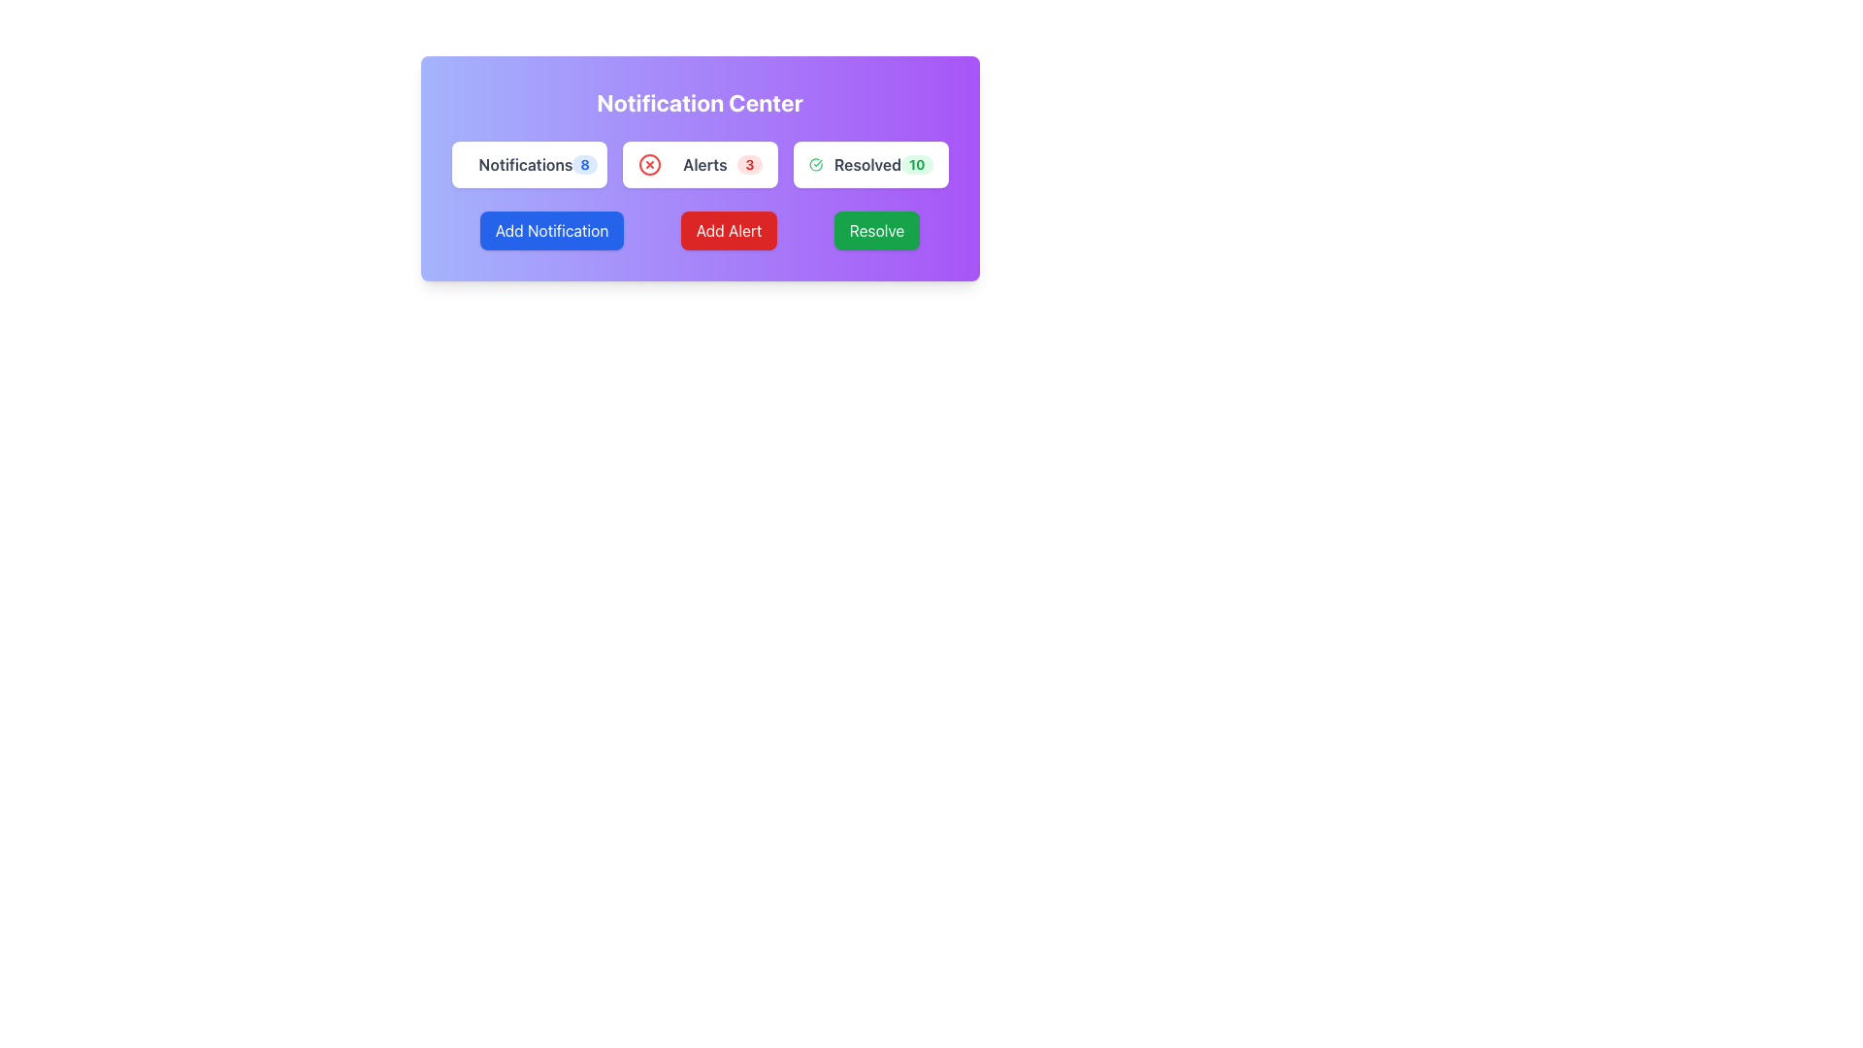 The width and height of the screenshot is (1863, 1048). I want to click on text displayed on the Badge that shows the number of pending notifications associated with the 'Notifications' label, located to the right of the 'Notifications' text, so click(584, 163).